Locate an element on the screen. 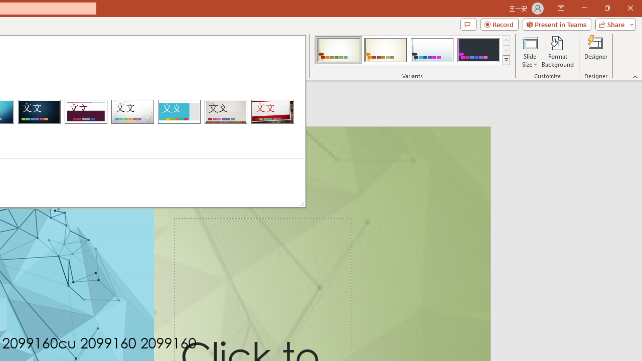  'Slide Size' is located at coordinates (529, 52).